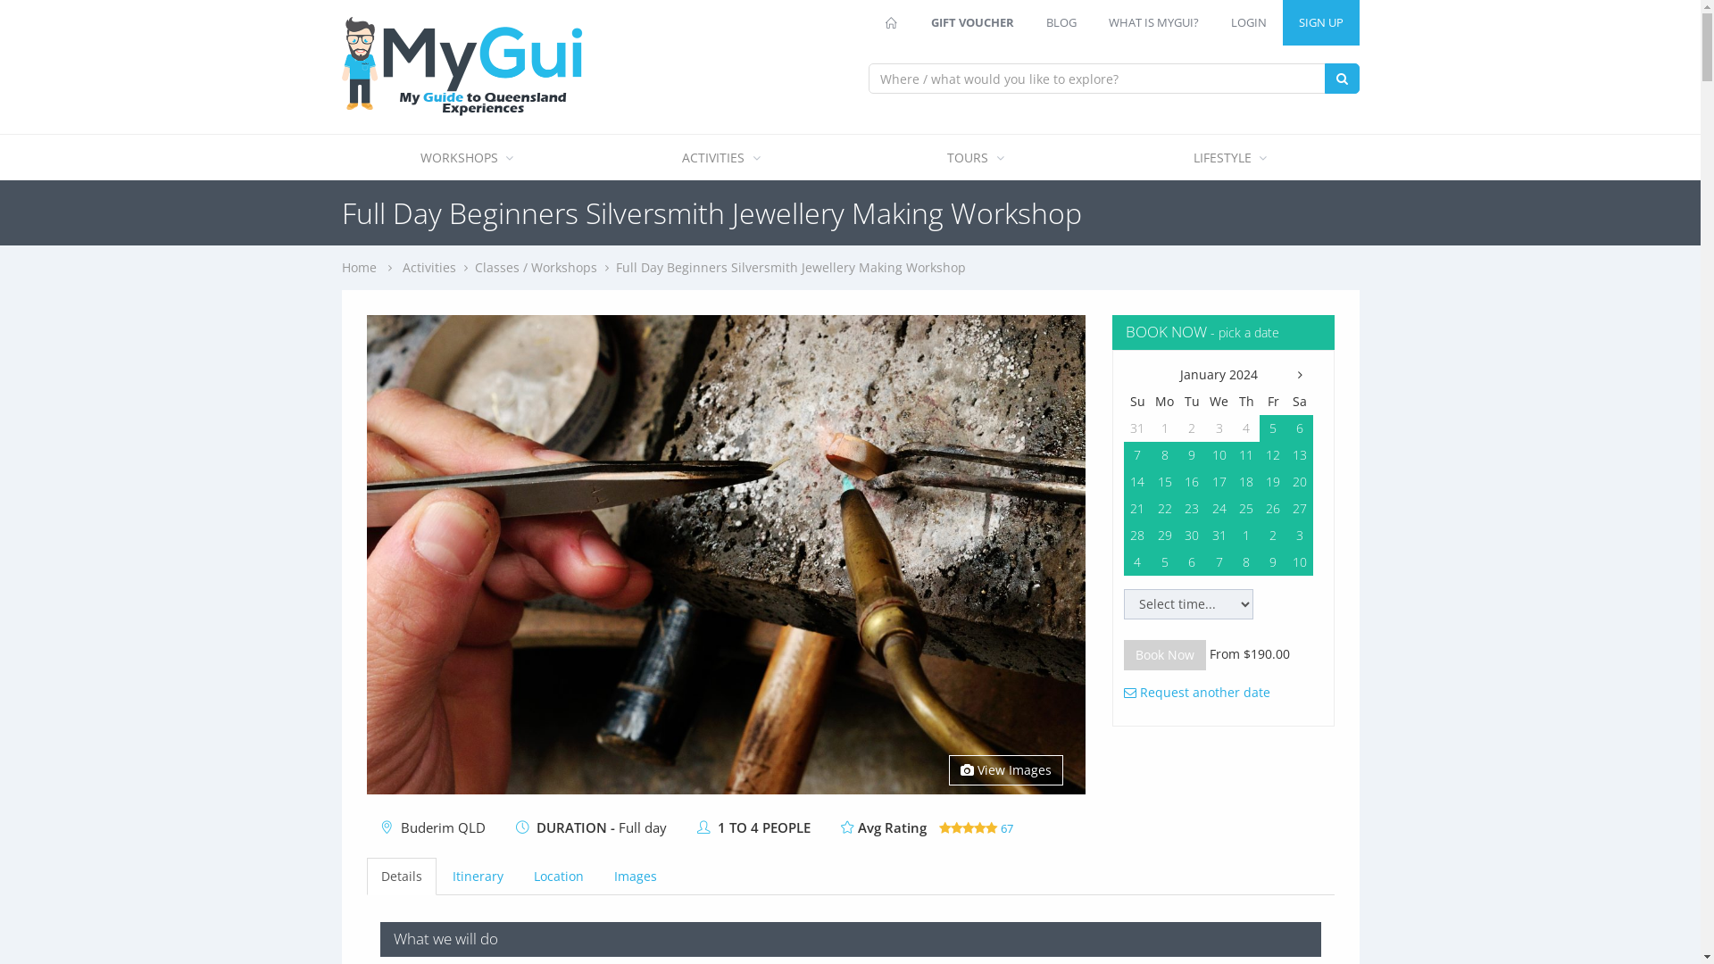 This screenshot has width=1714, height=964. I want to click on 'Images', so click(635, 876).